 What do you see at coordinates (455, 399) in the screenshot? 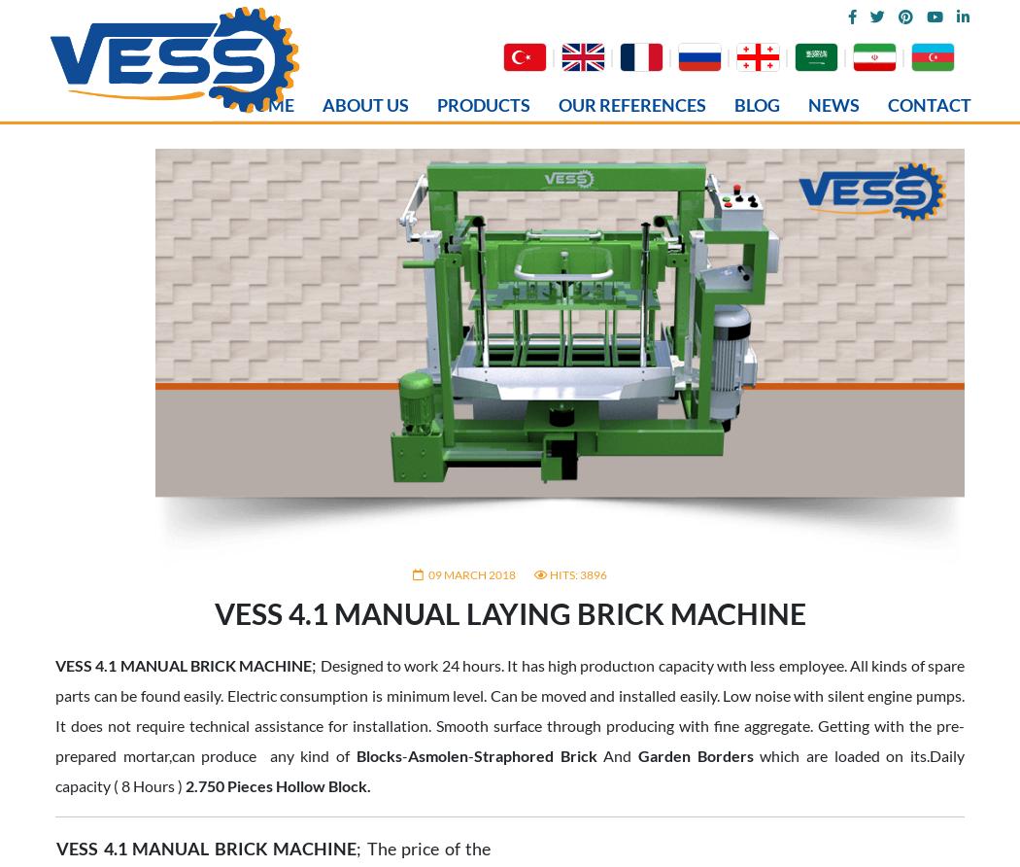
I see `'1/2'` at bounding box center [455, 399].